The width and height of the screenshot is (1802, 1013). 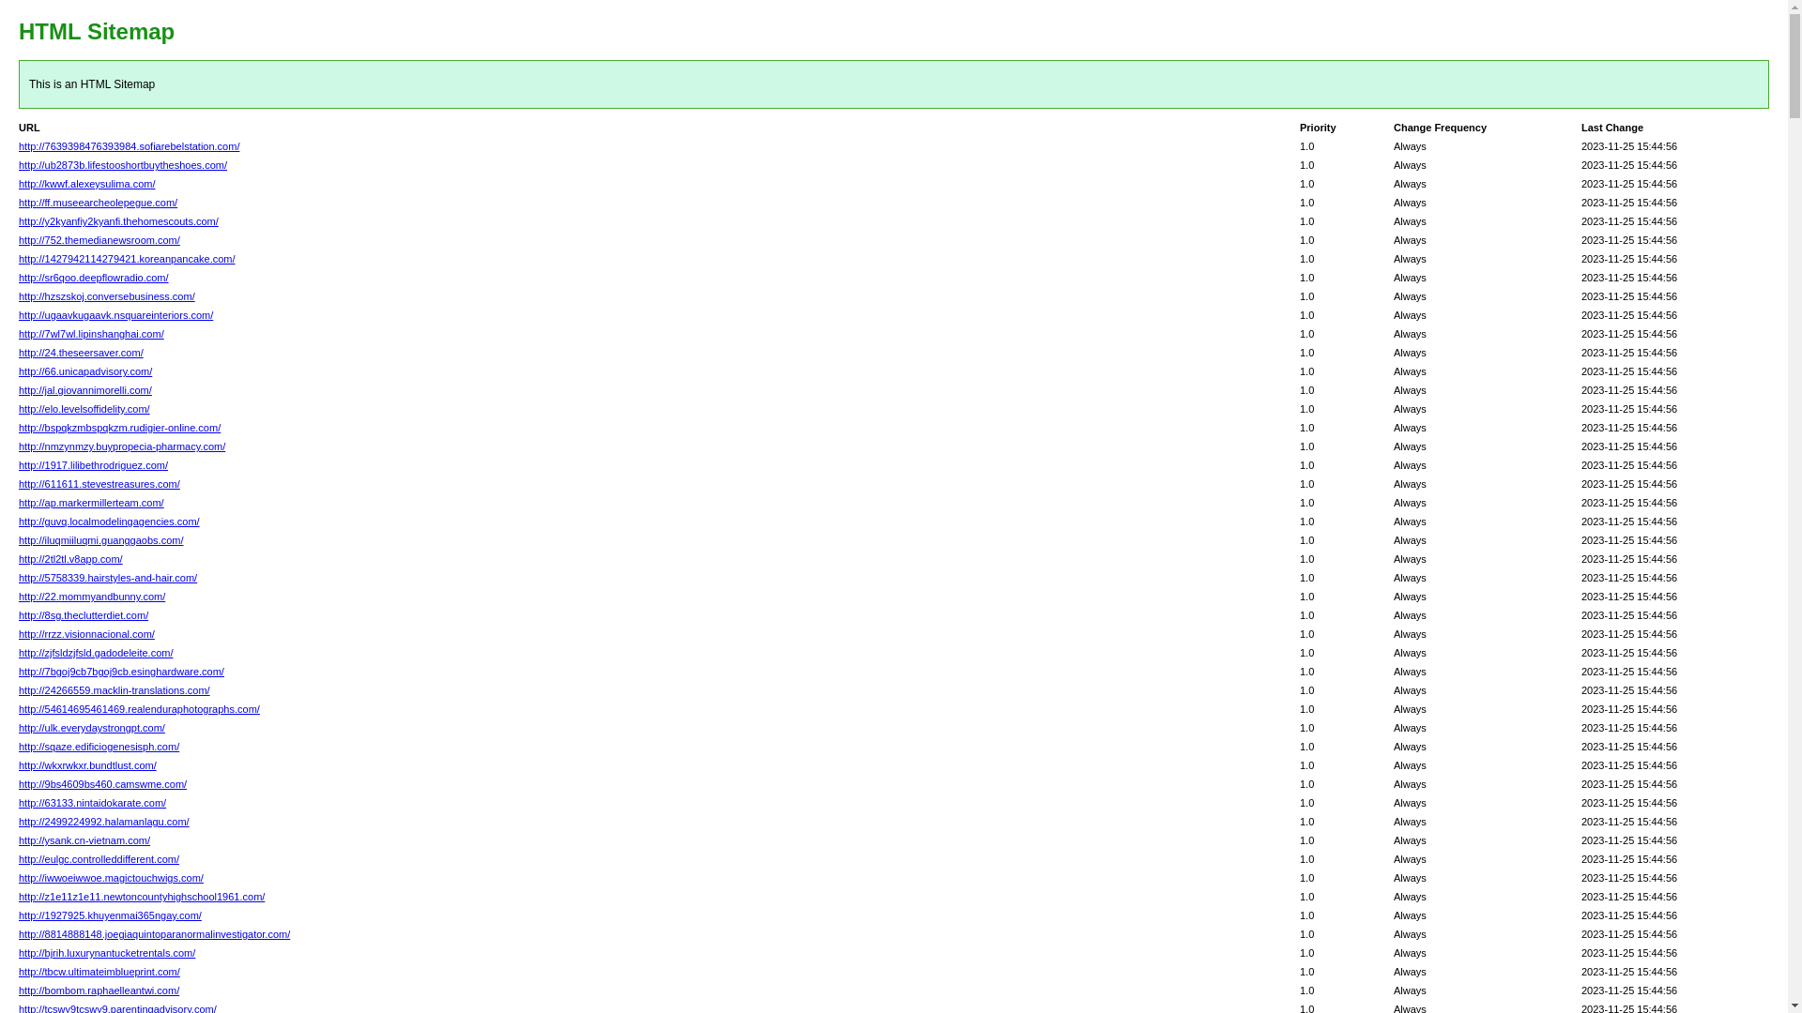 What do you see at coordinates (98, 483) in the screenshot?
I see `'http://611611.stevestreasures.com/'` at bounding box center [98, 483].